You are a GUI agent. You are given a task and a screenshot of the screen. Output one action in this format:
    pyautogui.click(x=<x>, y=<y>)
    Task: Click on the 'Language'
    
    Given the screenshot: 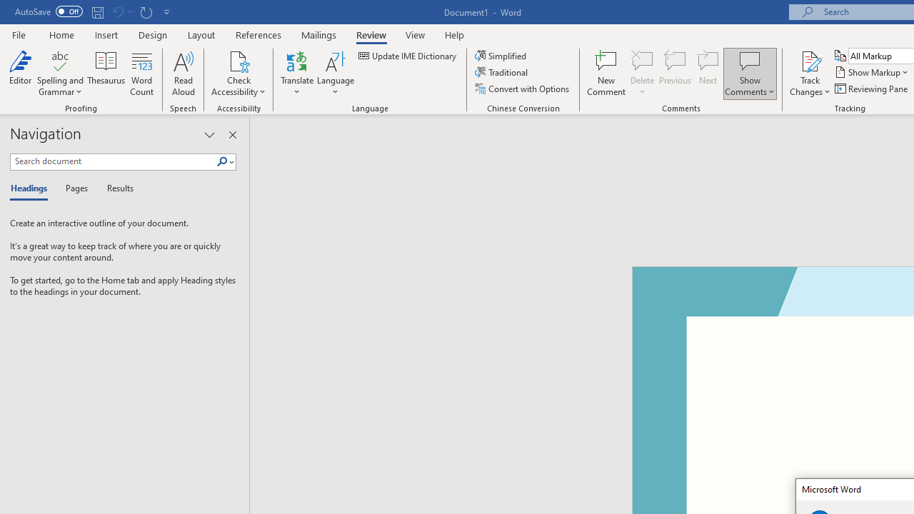 What is the action you would take?
    pyautogui.click(x=335, y=74)
    